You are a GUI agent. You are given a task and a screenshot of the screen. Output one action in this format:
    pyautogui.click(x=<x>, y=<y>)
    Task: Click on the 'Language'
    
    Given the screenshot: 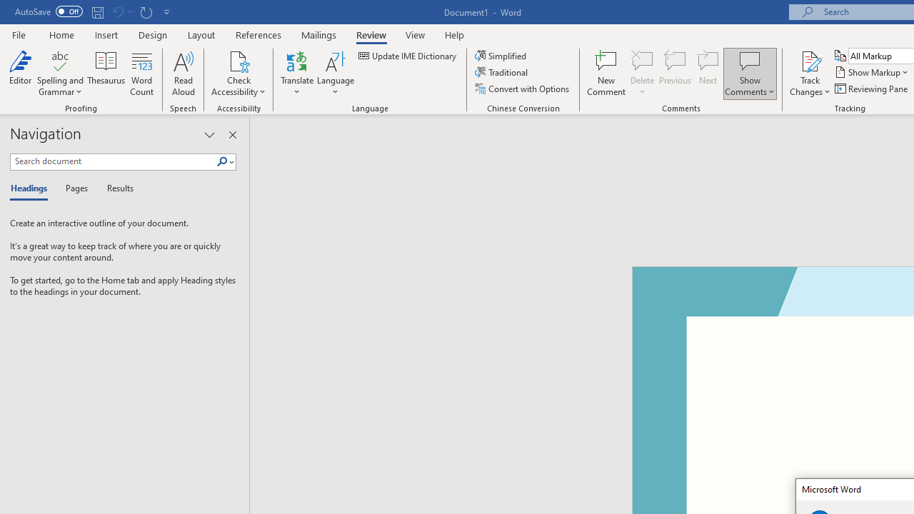 What is the action you would take?
    pyautogui.click(x=335, y=74)
    